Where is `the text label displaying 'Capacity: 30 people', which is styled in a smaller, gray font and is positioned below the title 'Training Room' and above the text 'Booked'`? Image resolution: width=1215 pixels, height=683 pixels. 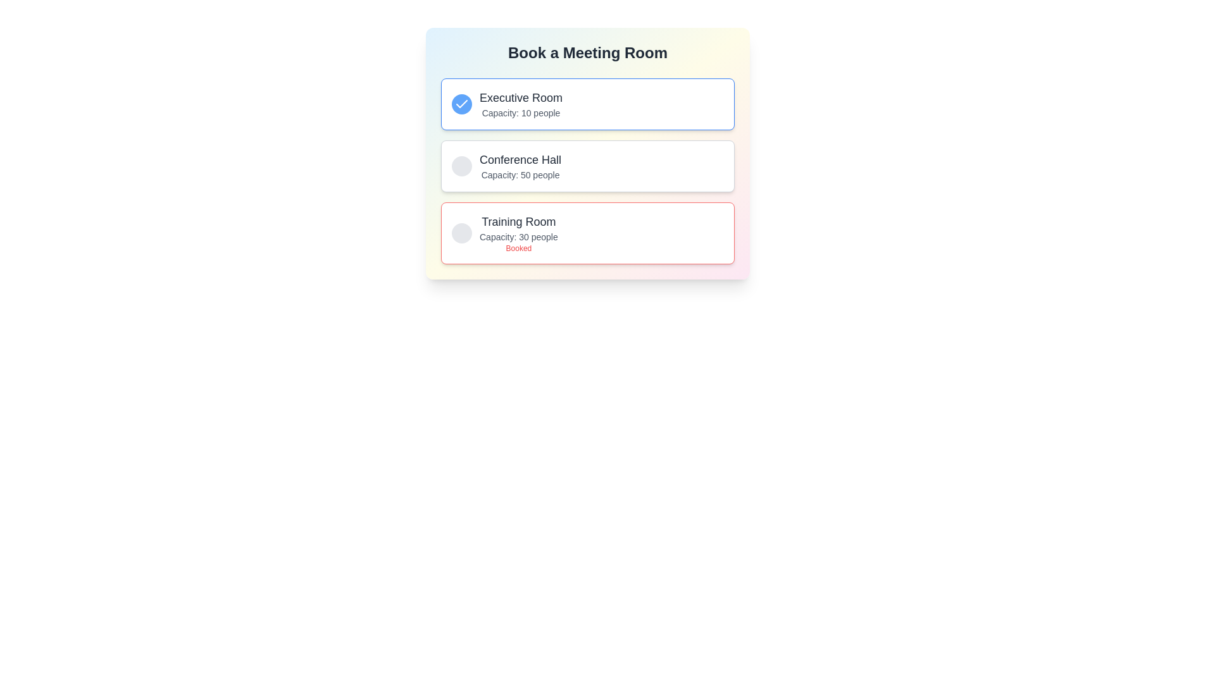 the text label displaying 'Capacity: 30 people', which is styled in a smaller, gray font and is positioned below the title 'Training Room' and above the text 'Booked' is located at coordinates (518, 237).